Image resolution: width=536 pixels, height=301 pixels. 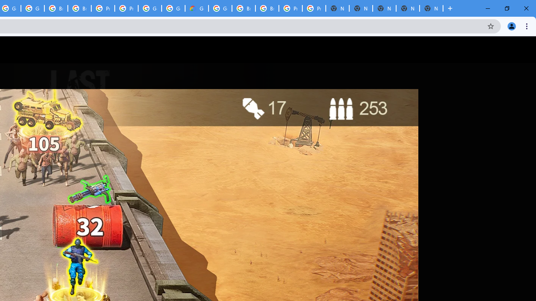 What do you see at coordinates (431, 8) in the screenshot?
I see `'New Tab'` at bounding box center [431, 8].